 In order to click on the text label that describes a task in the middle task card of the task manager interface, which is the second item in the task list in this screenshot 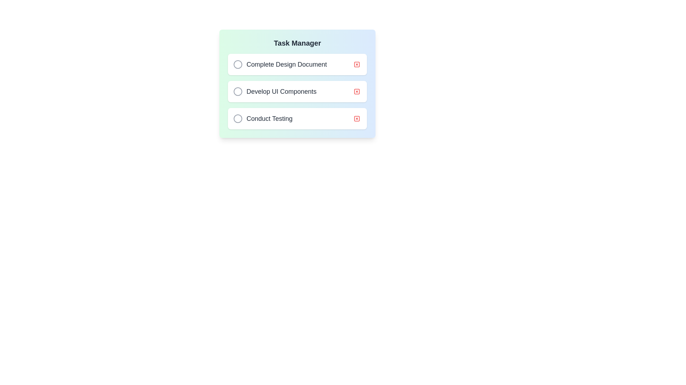, I will do `click(275, 91)`.